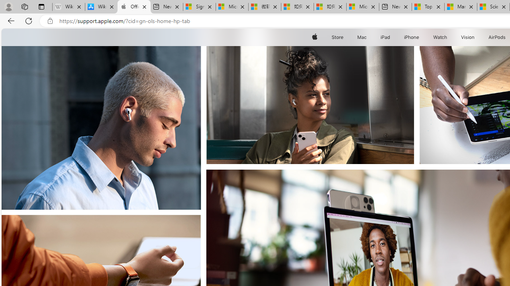 The width and height of the screenshot is (510, 286). Describe the element at coordinates (420, 37) in the screenshot. I see `'iPhone menu'` at that location.